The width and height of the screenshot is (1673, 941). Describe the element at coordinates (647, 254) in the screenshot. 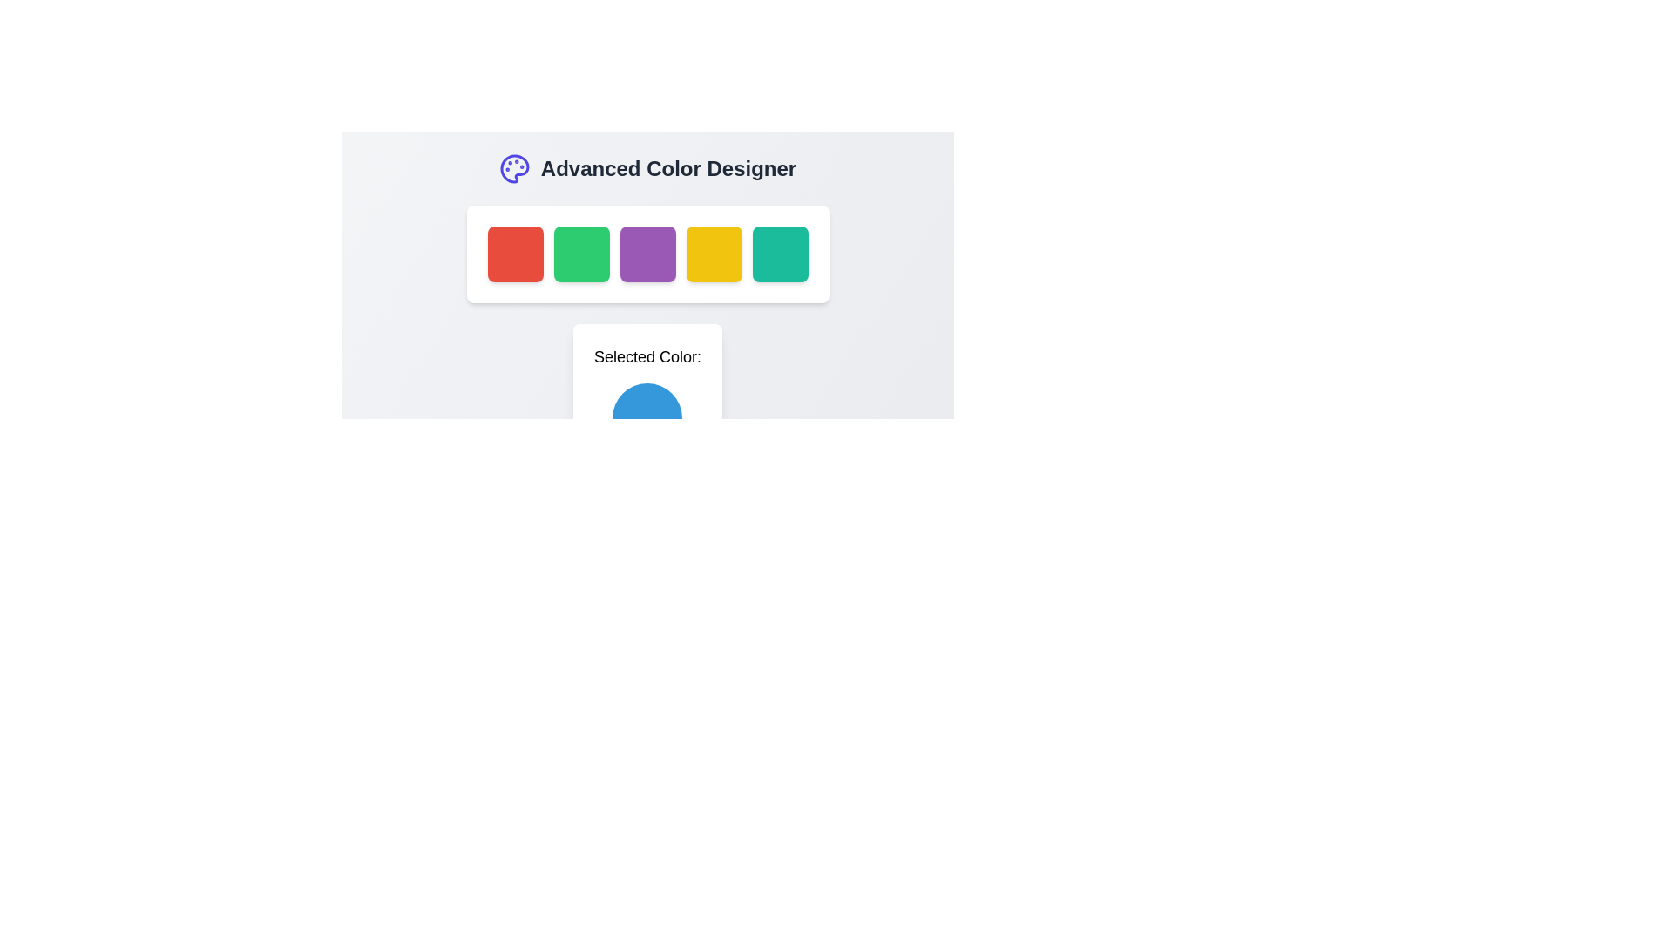

I see `the purple square with a rounded border located in the center position of a row of five colorful squares` at that location.